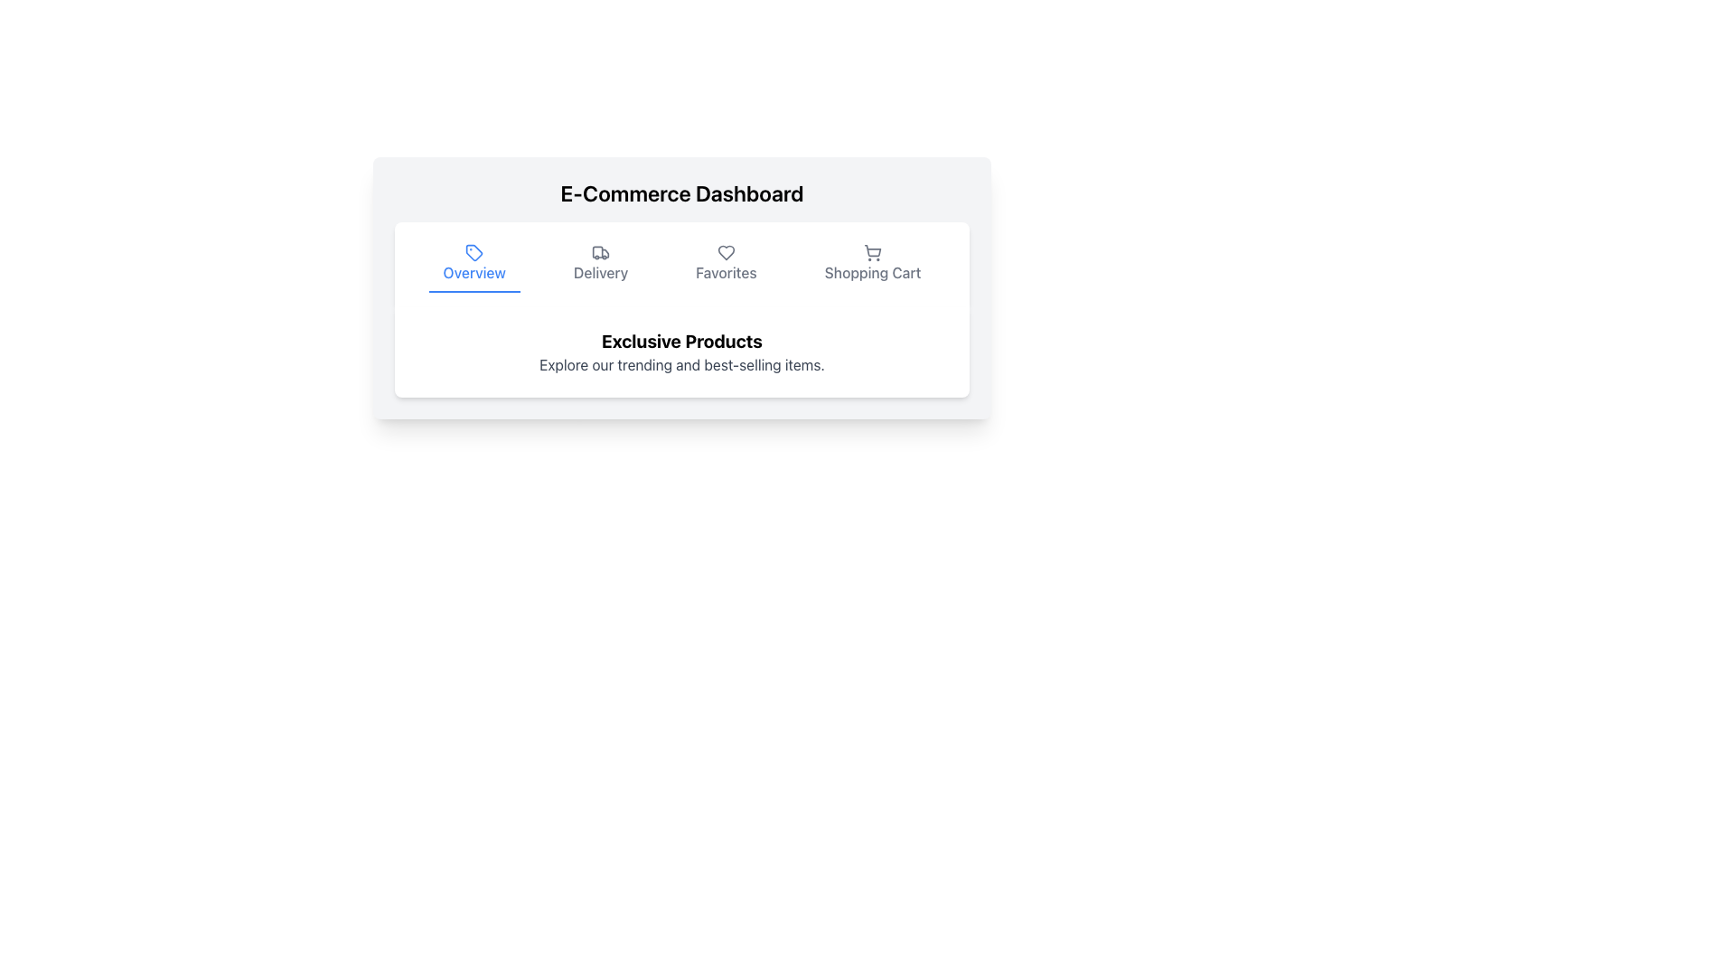  Describe the element at coordinates (474, 265) in the screenshot. I see `the Interactive navigation button labeled 'Overview' which is displayed in bold blue font with an icon above it` at that location.